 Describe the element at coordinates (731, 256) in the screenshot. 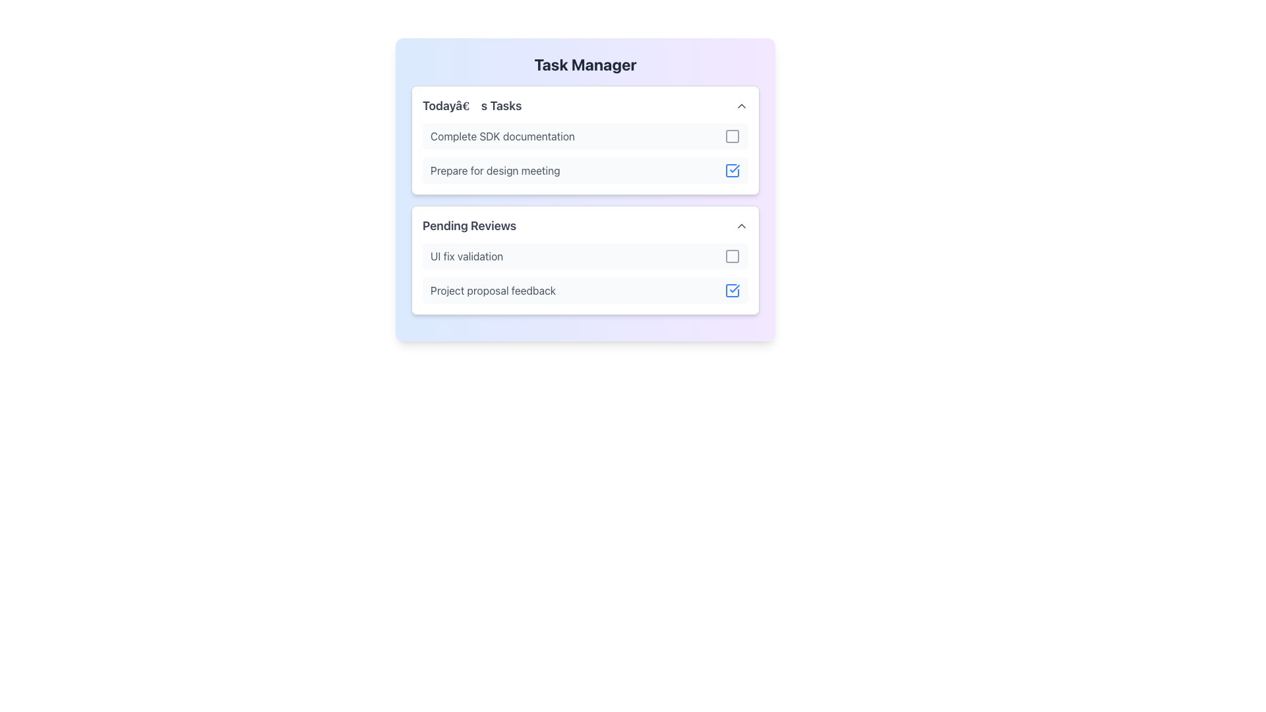

I see `the small square-shaped light gray icon located at the right end of the 'UI fix validation' row in the 'Pending Reviews' section` at that location.